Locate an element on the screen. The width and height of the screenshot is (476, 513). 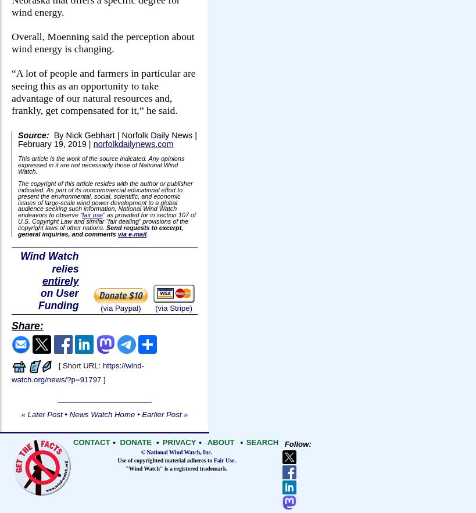
'“A lot of people and farmers in particular are seeing this as an opportunity to take advantage of our natural resources and, frankly, get compensated for it,” he said.' is located at coordinates (10, 91).